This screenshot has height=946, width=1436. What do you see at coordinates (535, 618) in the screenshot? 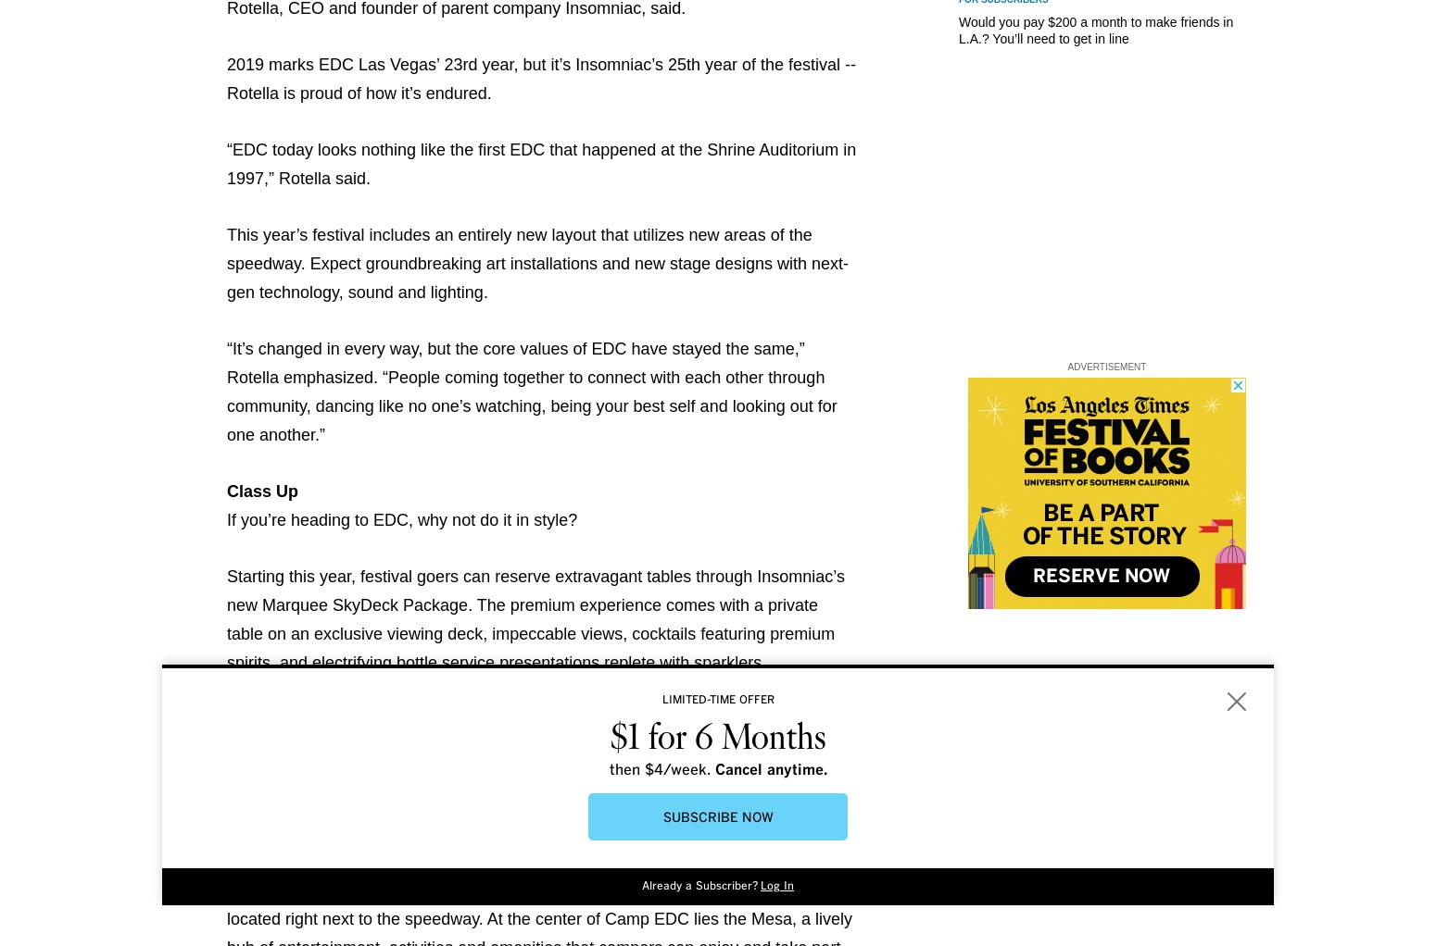
I see `'Starting this year, festival goers can reserve extravagant tables through Insomniac’s new Marquee SkyDeck Package. The premium experience comes with a private table on an exclusive viewing deck, impeccable views, cocktails featuring premium spirits, and electrifying bottle service presentations replete with sparklers.'` at bounding box center [535, 618].